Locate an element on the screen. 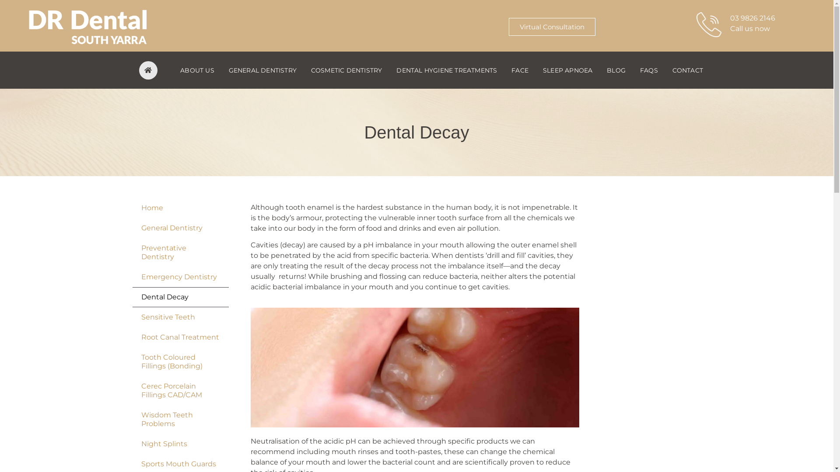 The height and width of the screenshot is (472, 840). 'GENERAL DENTISTRY' is located at coordinates (221, 69).